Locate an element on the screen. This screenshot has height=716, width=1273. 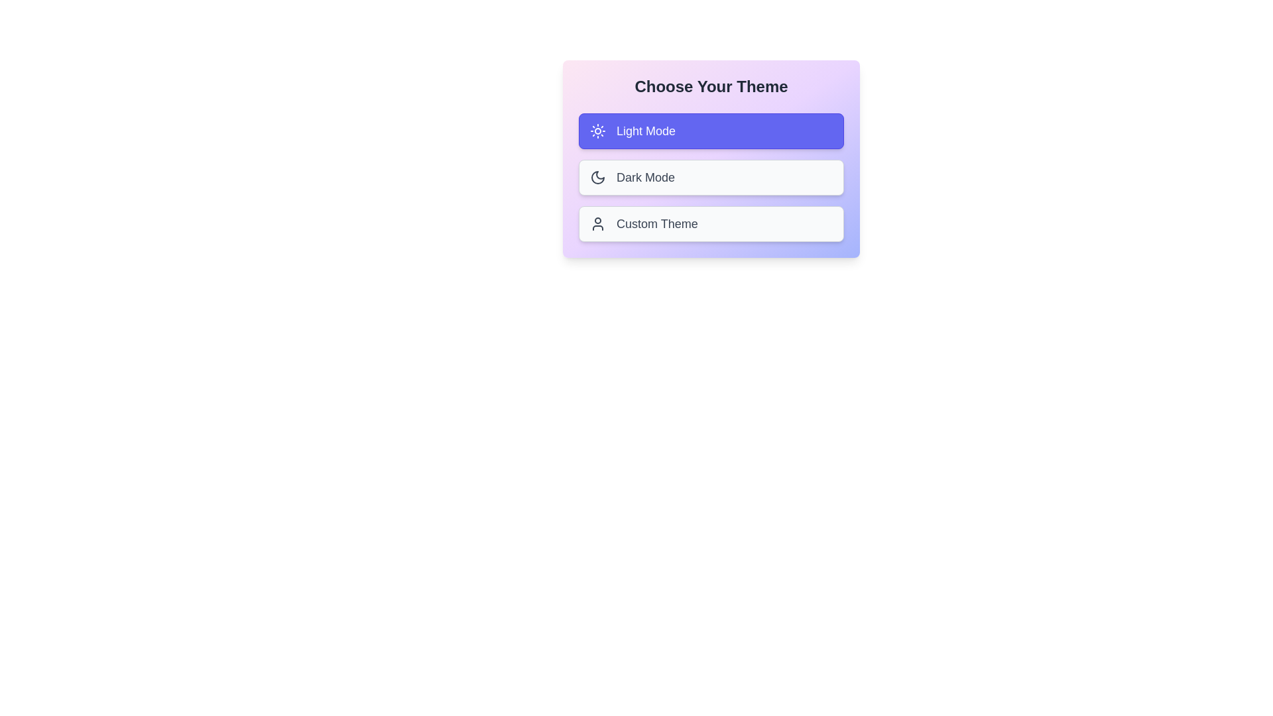
the theme Custom Theme by clicking on its corresponding card is located at coordinates (711, 223).